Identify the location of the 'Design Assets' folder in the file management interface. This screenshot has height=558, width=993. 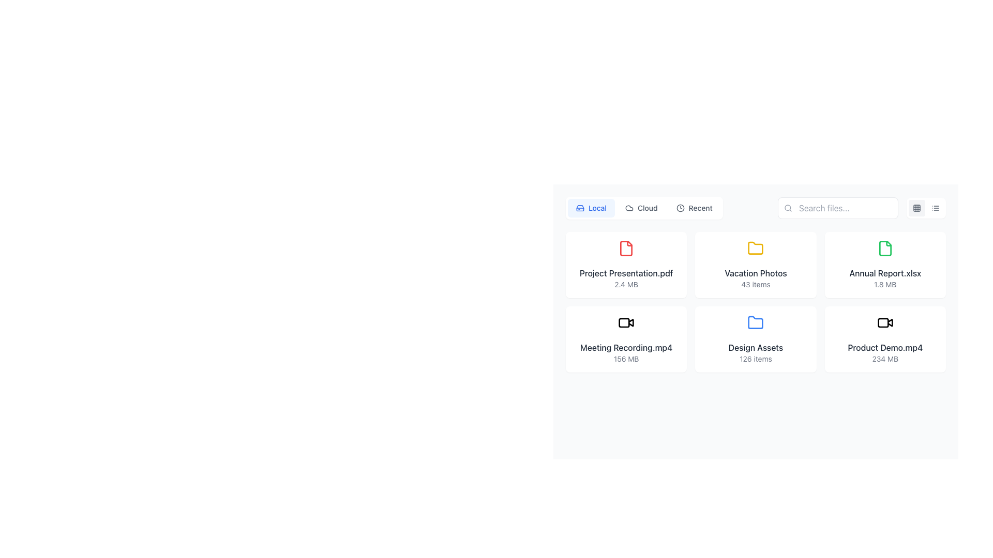
(756, 339).